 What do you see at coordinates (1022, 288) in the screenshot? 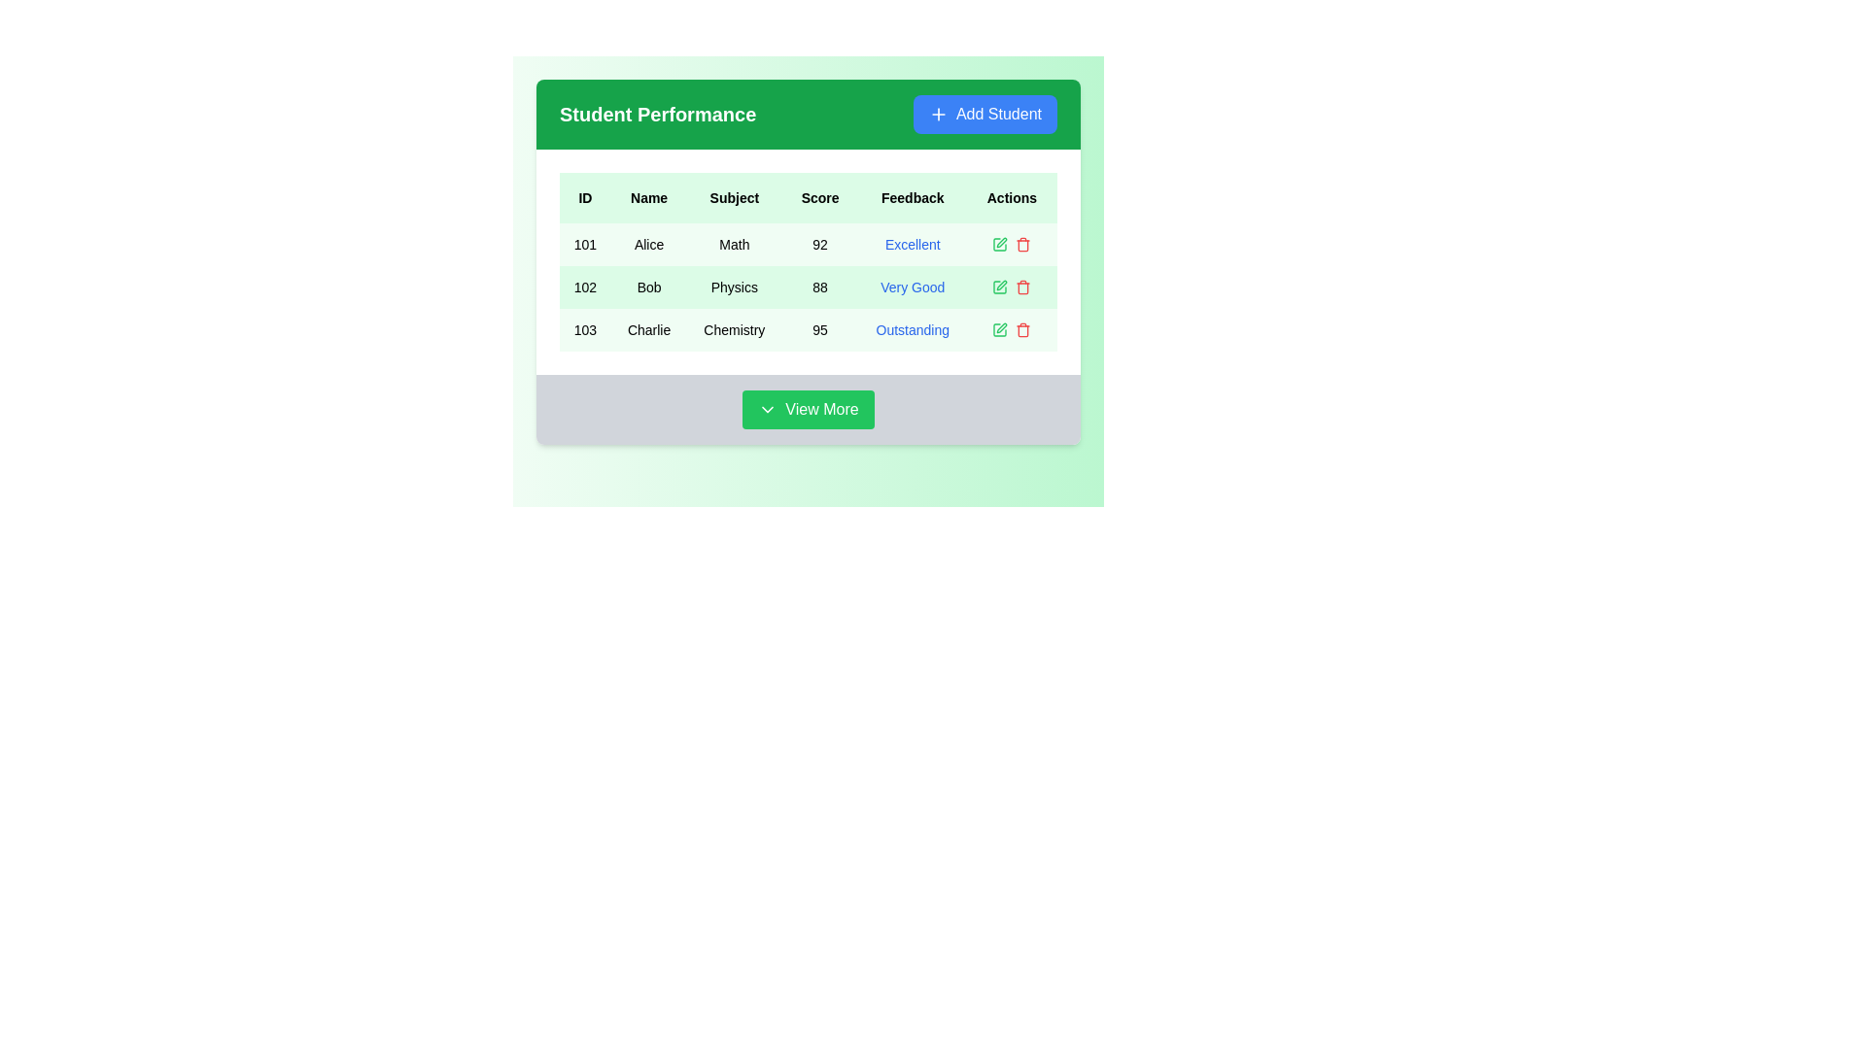
I see `the trash bin icon located in the 'Actions' column of the second row in the table` at bounding box center [1022, 288].